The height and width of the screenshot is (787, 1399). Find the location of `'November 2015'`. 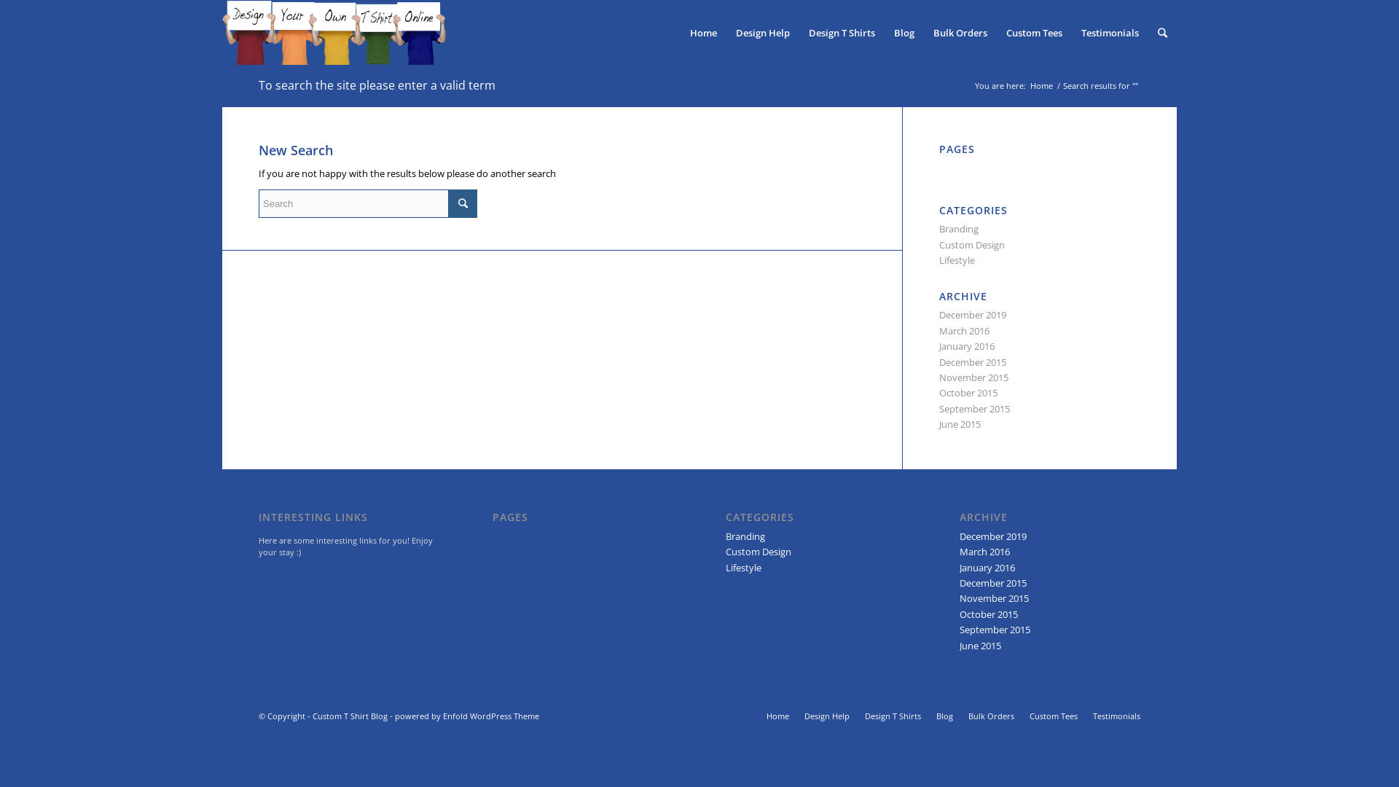

'November 2015' is located at coordinates (973, 376).